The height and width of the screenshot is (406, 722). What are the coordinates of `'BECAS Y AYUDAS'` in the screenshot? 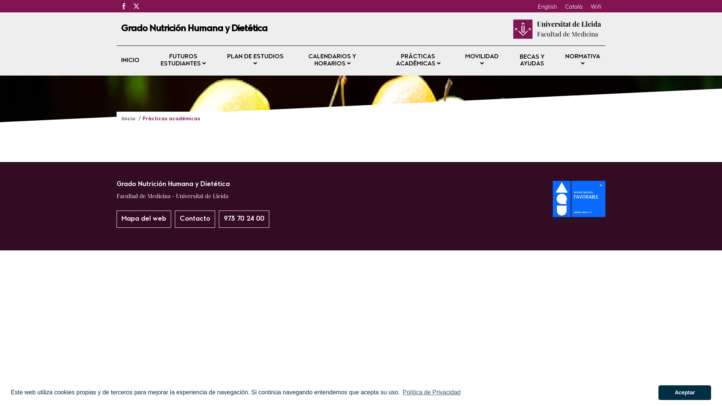 It's located at (532, 60).